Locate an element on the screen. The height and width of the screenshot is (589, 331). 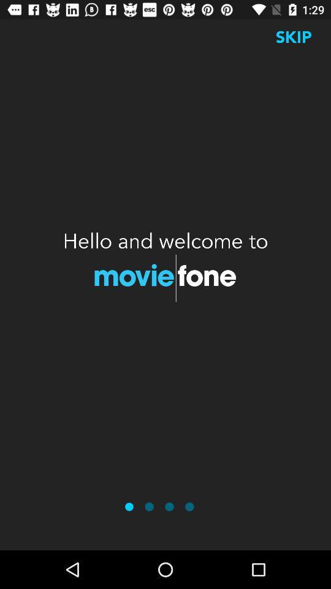
skip item is located at coordinates (293, 36).